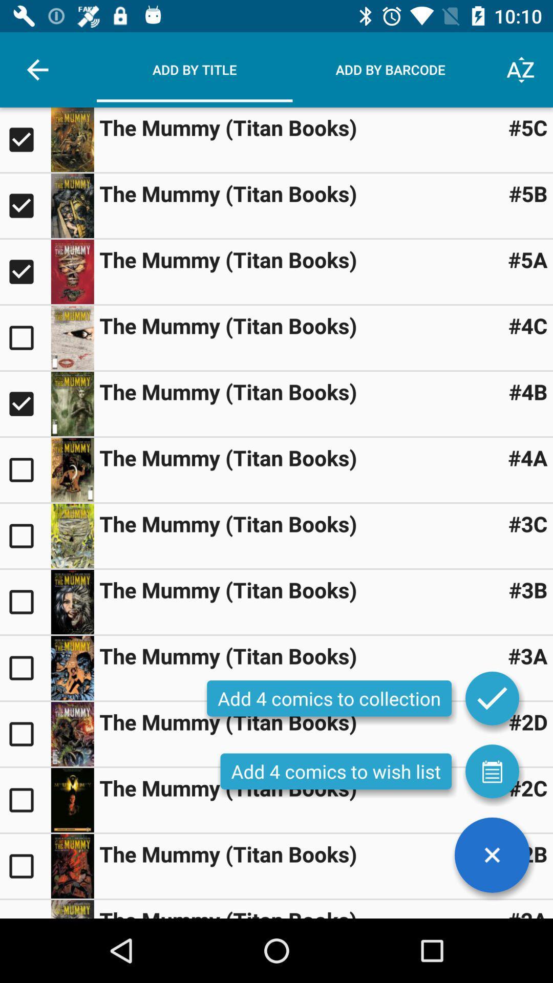  What do you see at coordinates (25, 734) in the screenshot?
I see `a comic` at bounding box center [25, 734].